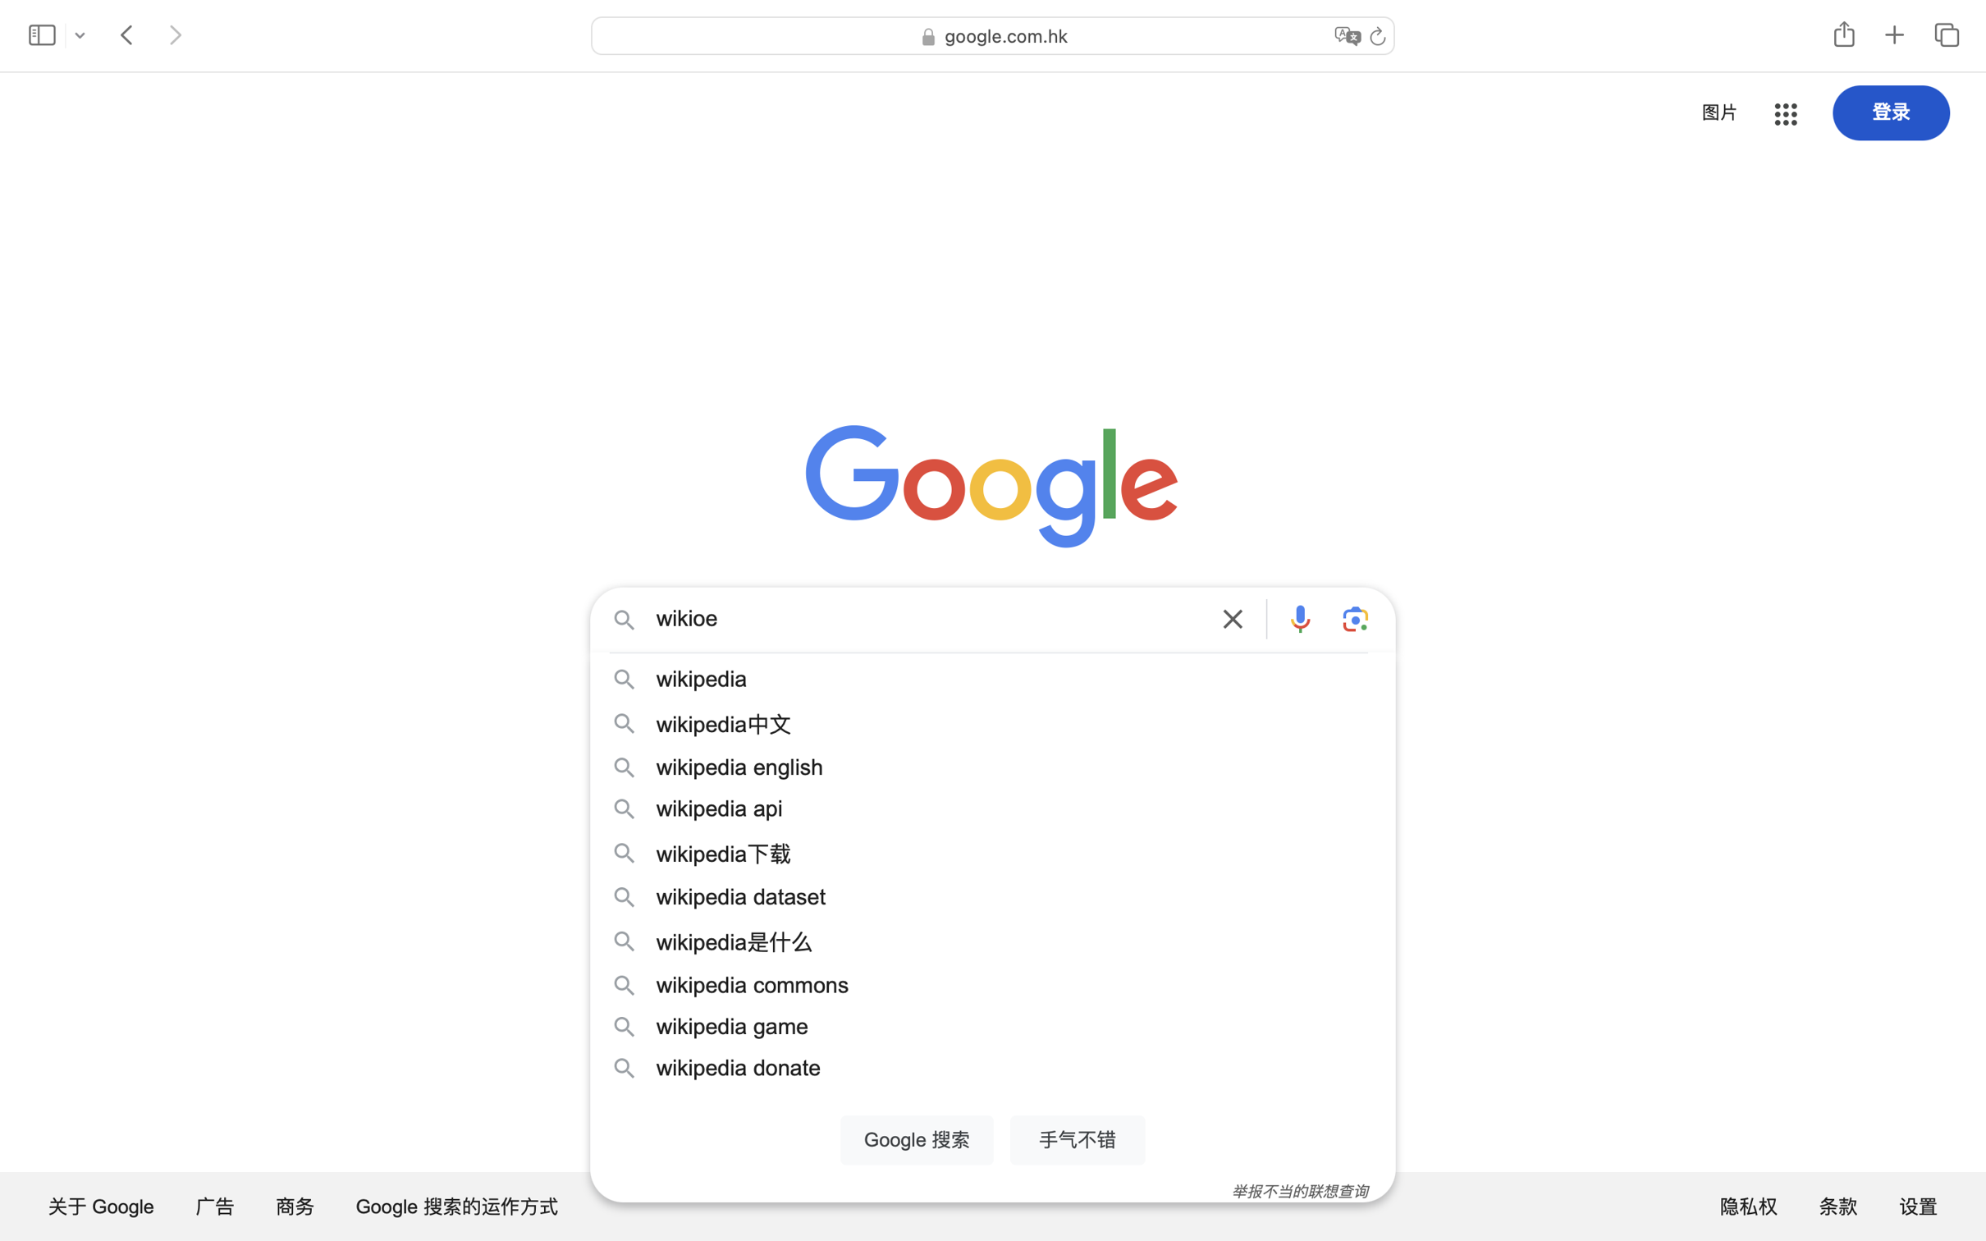  What do you see at coordinates (970, 44) in the screenshot?
I see `'https://www.google.com.hk/?client=safari'` at bounding box center [970, 44].